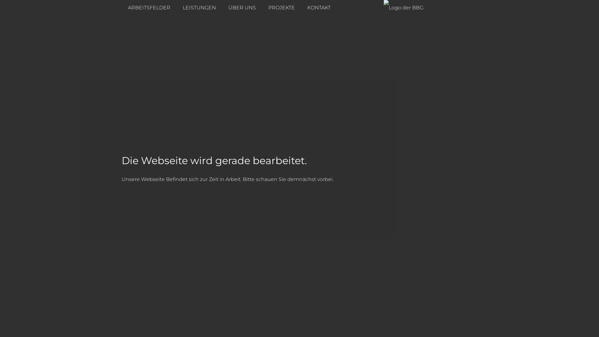 This screenshot has width=599, height=337. Describe the element at coordinates (199, 7) in the screenshot. I see `'LEISTUNGEN'` at that location.